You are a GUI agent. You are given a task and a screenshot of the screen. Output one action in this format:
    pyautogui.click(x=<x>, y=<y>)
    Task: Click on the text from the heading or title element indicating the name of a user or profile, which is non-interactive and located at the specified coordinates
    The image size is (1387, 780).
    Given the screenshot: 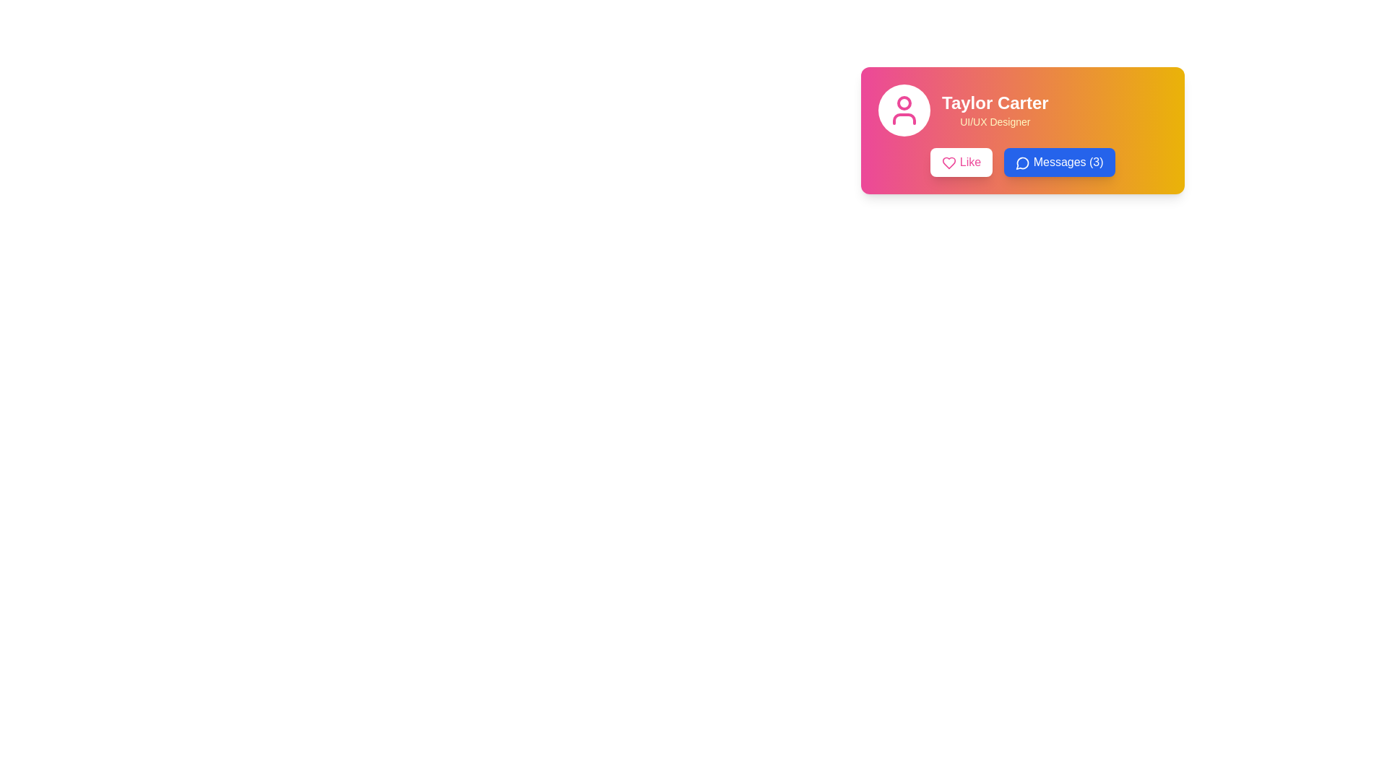 What is the action you would take?
    pyautogui.click(x=994, y=102)
    